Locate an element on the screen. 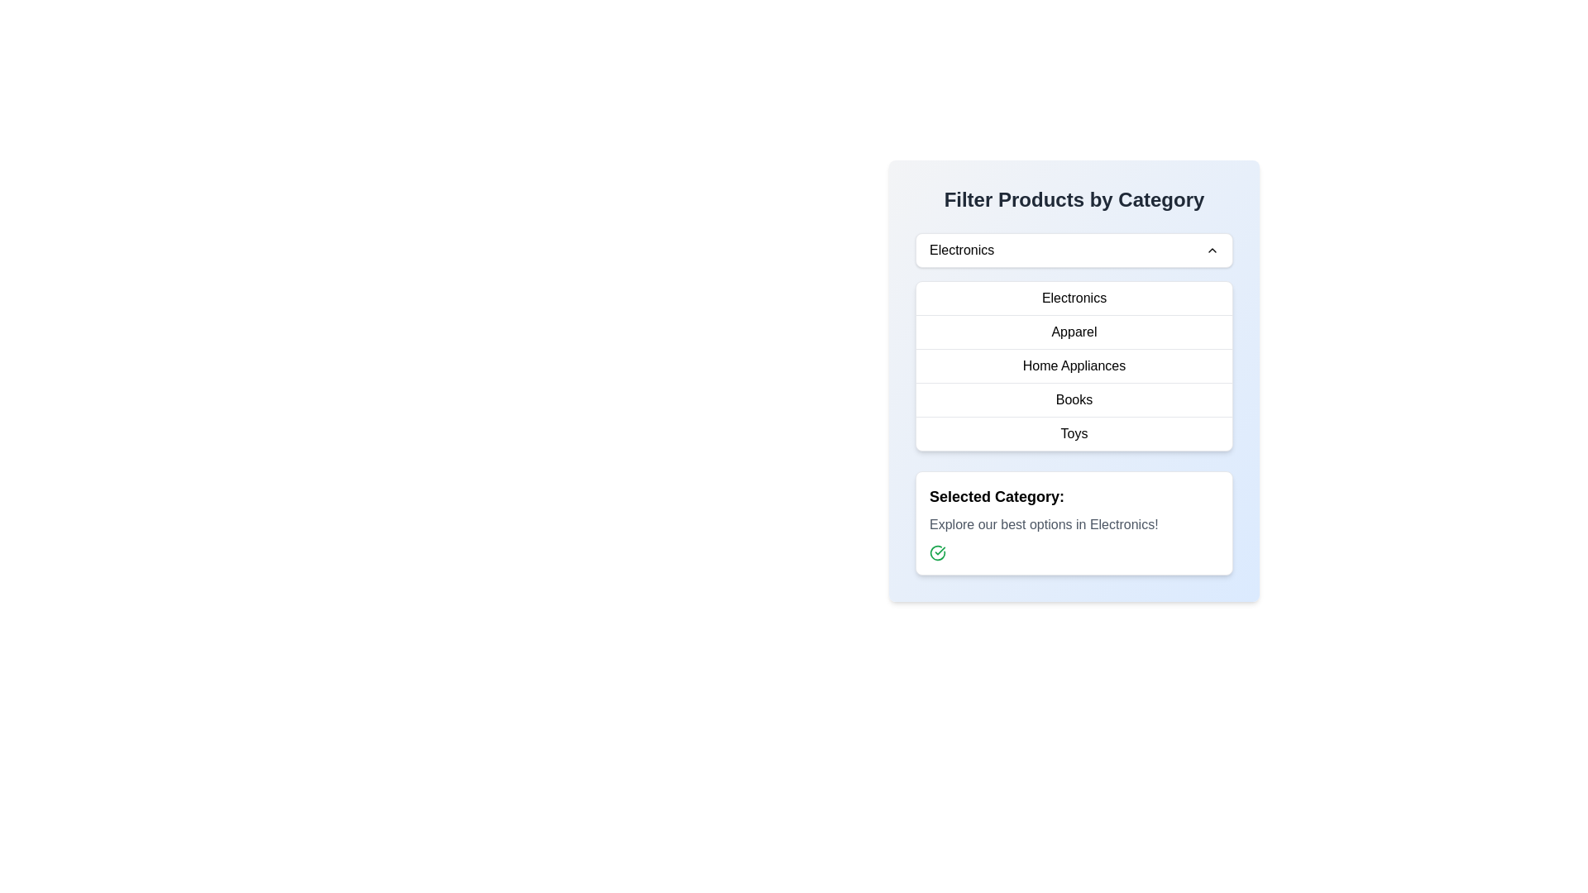 The height and width of the screenshot is (893, 1588). the 'Electronics' item in the dropdown menu, which is the first item styled with padding and a hover effect is located at coordinates (1074, 298).